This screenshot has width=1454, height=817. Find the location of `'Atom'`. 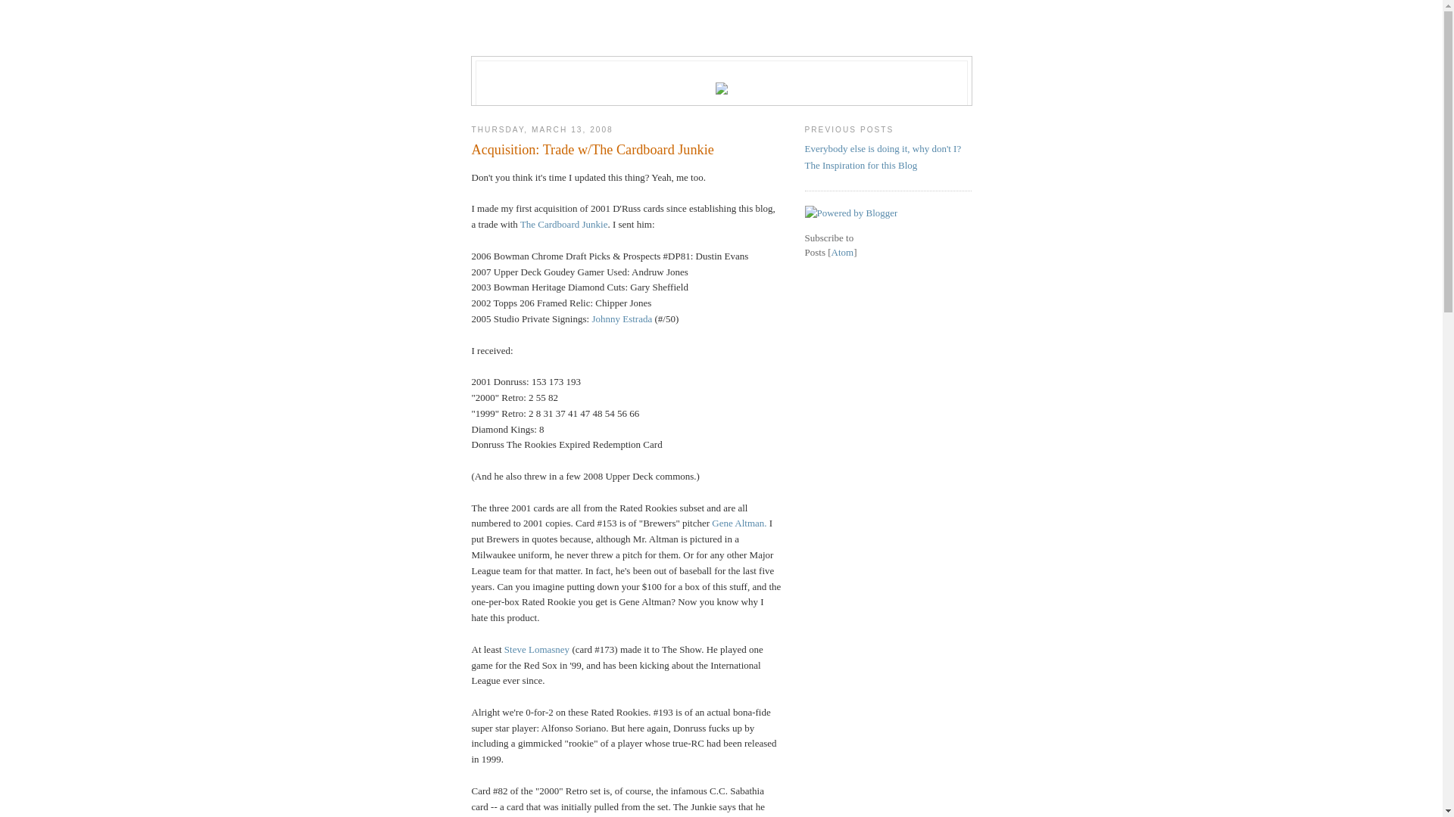

'Atom' is located at coordinates (842, 251).